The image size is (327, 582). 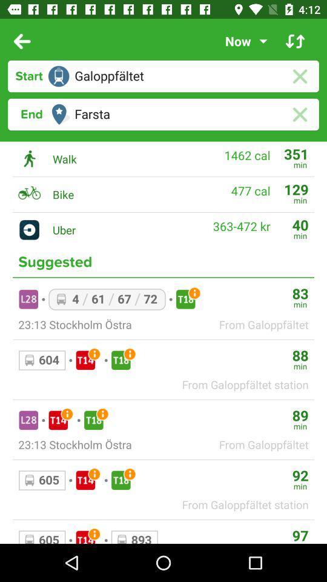 What do you see at coordinates (294, 41) in the screenshot?
I see `refresh list option` at bounding box center [294, 41].